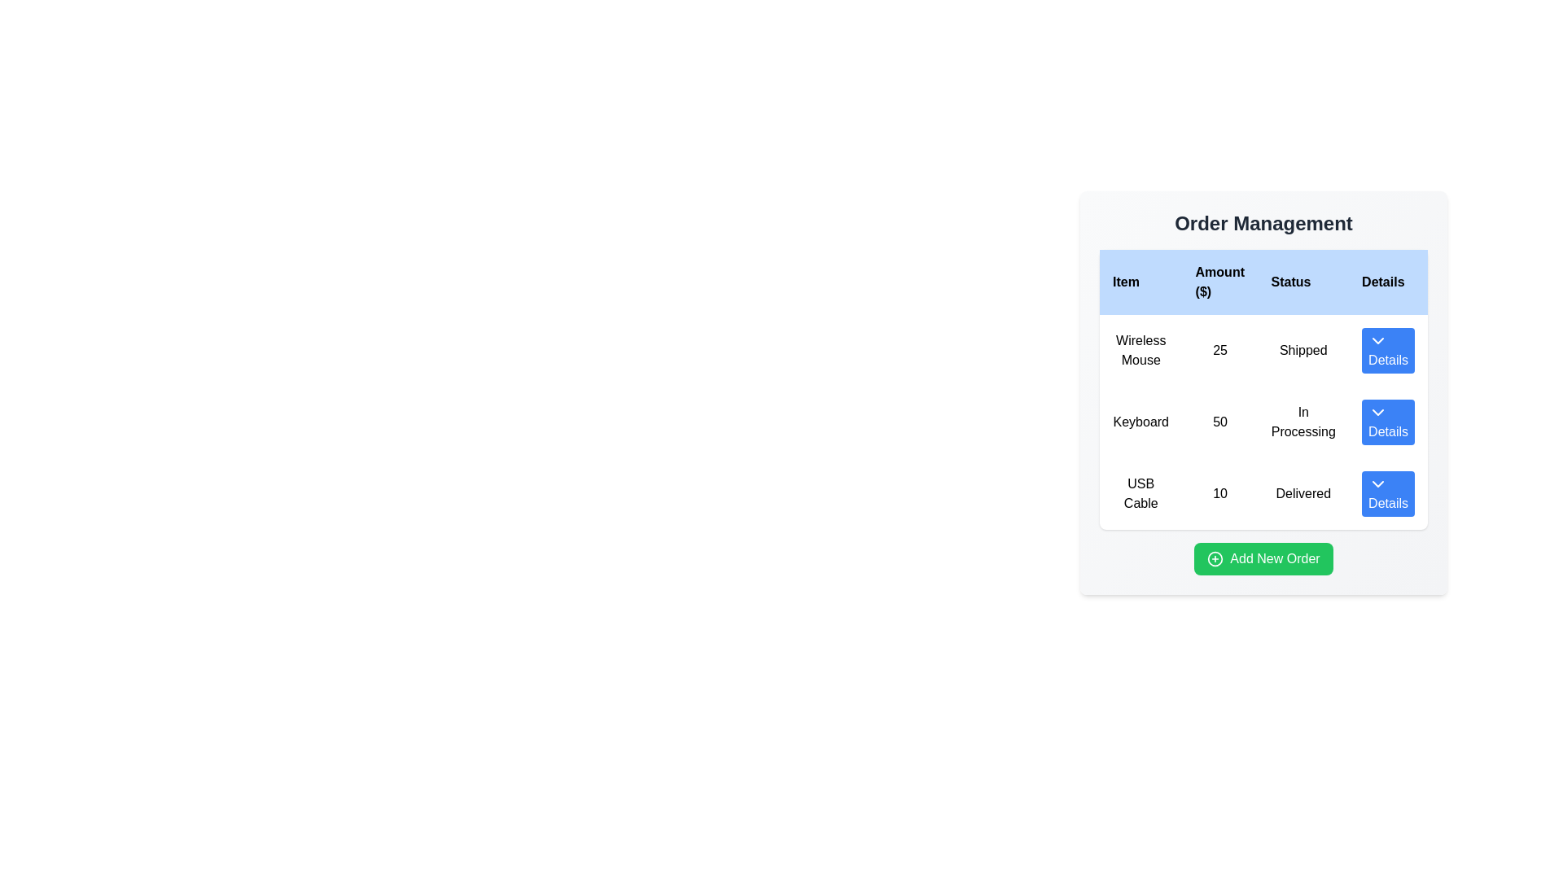 The height and width of the screenshot is (879, 1563). What do you see at coordinates (1219, 282) in the screenshot?
I see `the static text label 'Amount ($)' which is styled in bold black font and located in the blue header row of the table, positioned between the 'Item' and 'Status' labels` at bounding box center [1219, 282].